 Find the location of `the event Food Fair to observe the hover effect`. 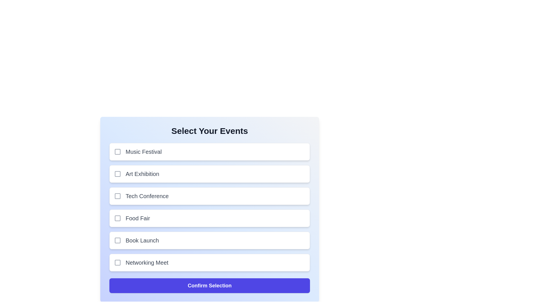

the event Food Fair to observe the hover effect is located at coordinates (209, 218).